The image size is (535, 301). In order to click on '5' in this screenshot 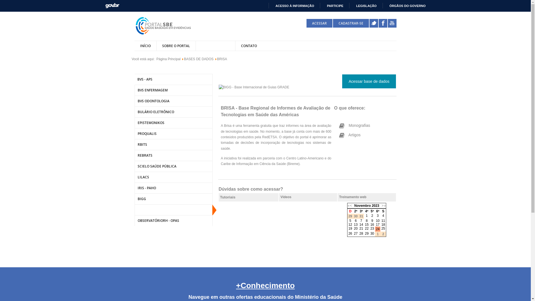, I will do `click(350, 220)`.